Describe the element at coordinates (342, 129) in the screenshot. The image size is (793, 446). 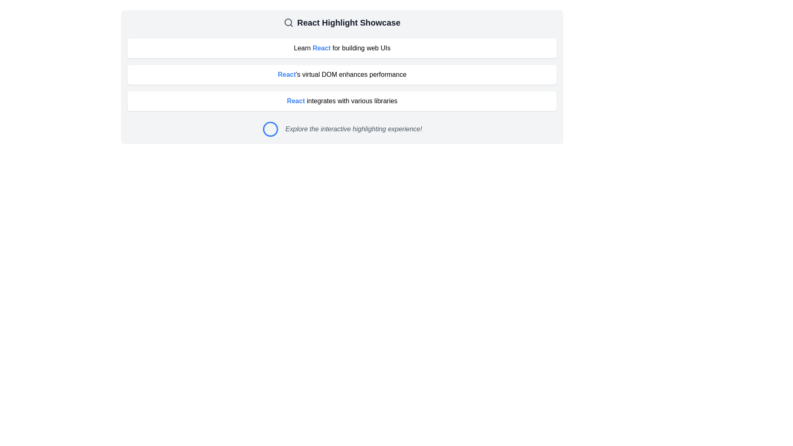
I see `the informational text 'Explore the interactive highlighting experience!' which is positioned to the right of the animated circular icon, if it is linked to a feature` at that location.